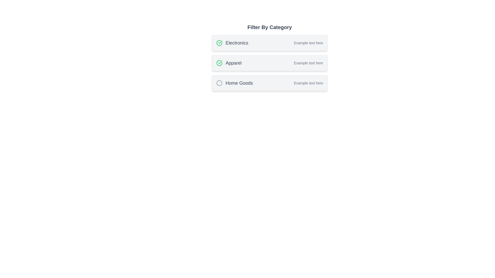 The height and width of the screenshot is (278, 495). Describe the element at coordinates (308, 42) in the screenshot. I see `text from the Static Text Label that displays 'Example text here', which is styled with a small font size and gray color within the 'Electronics' category card` at that location.